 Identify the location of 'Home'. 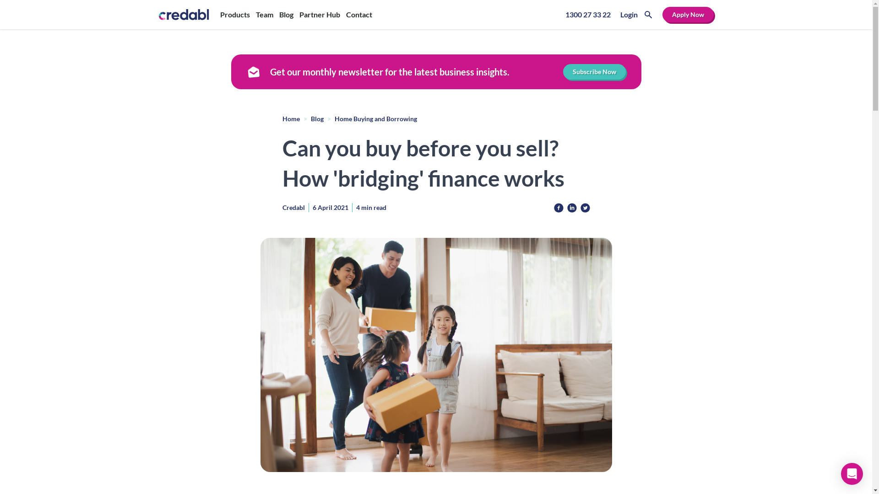
(290, 118).